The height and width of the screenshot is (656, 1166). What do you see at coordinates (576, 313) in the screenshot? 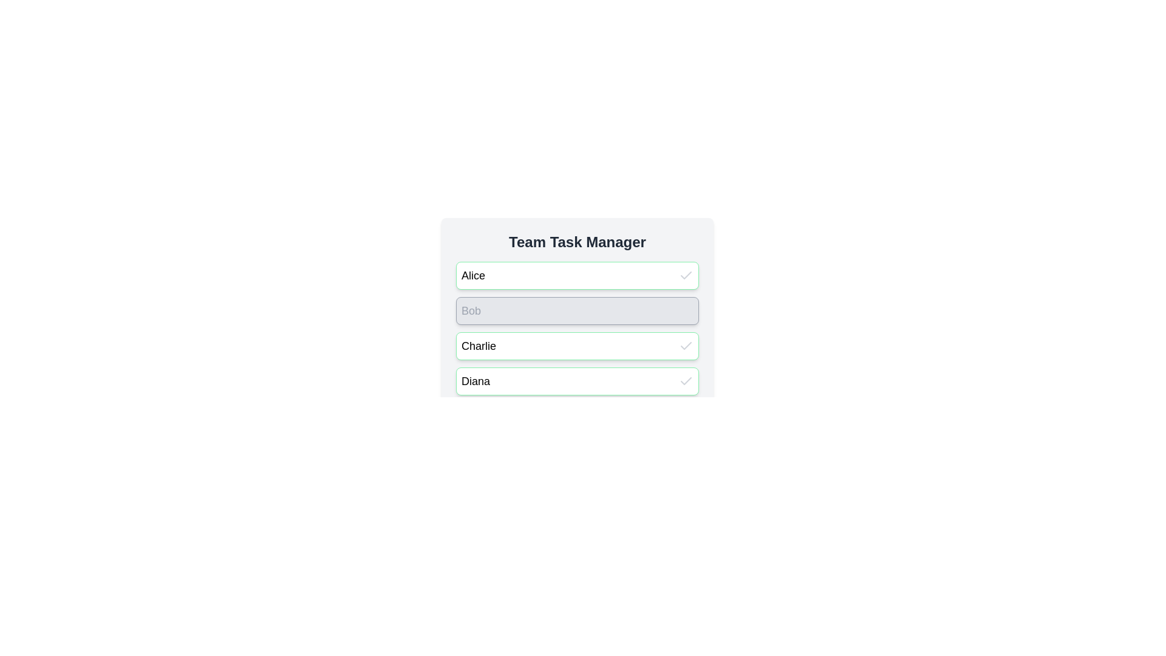
I see `the list item representing 'Bob' in the Team Task Manager, which is the second item in a vertical list of tasks` at bounding box center [576, 313].